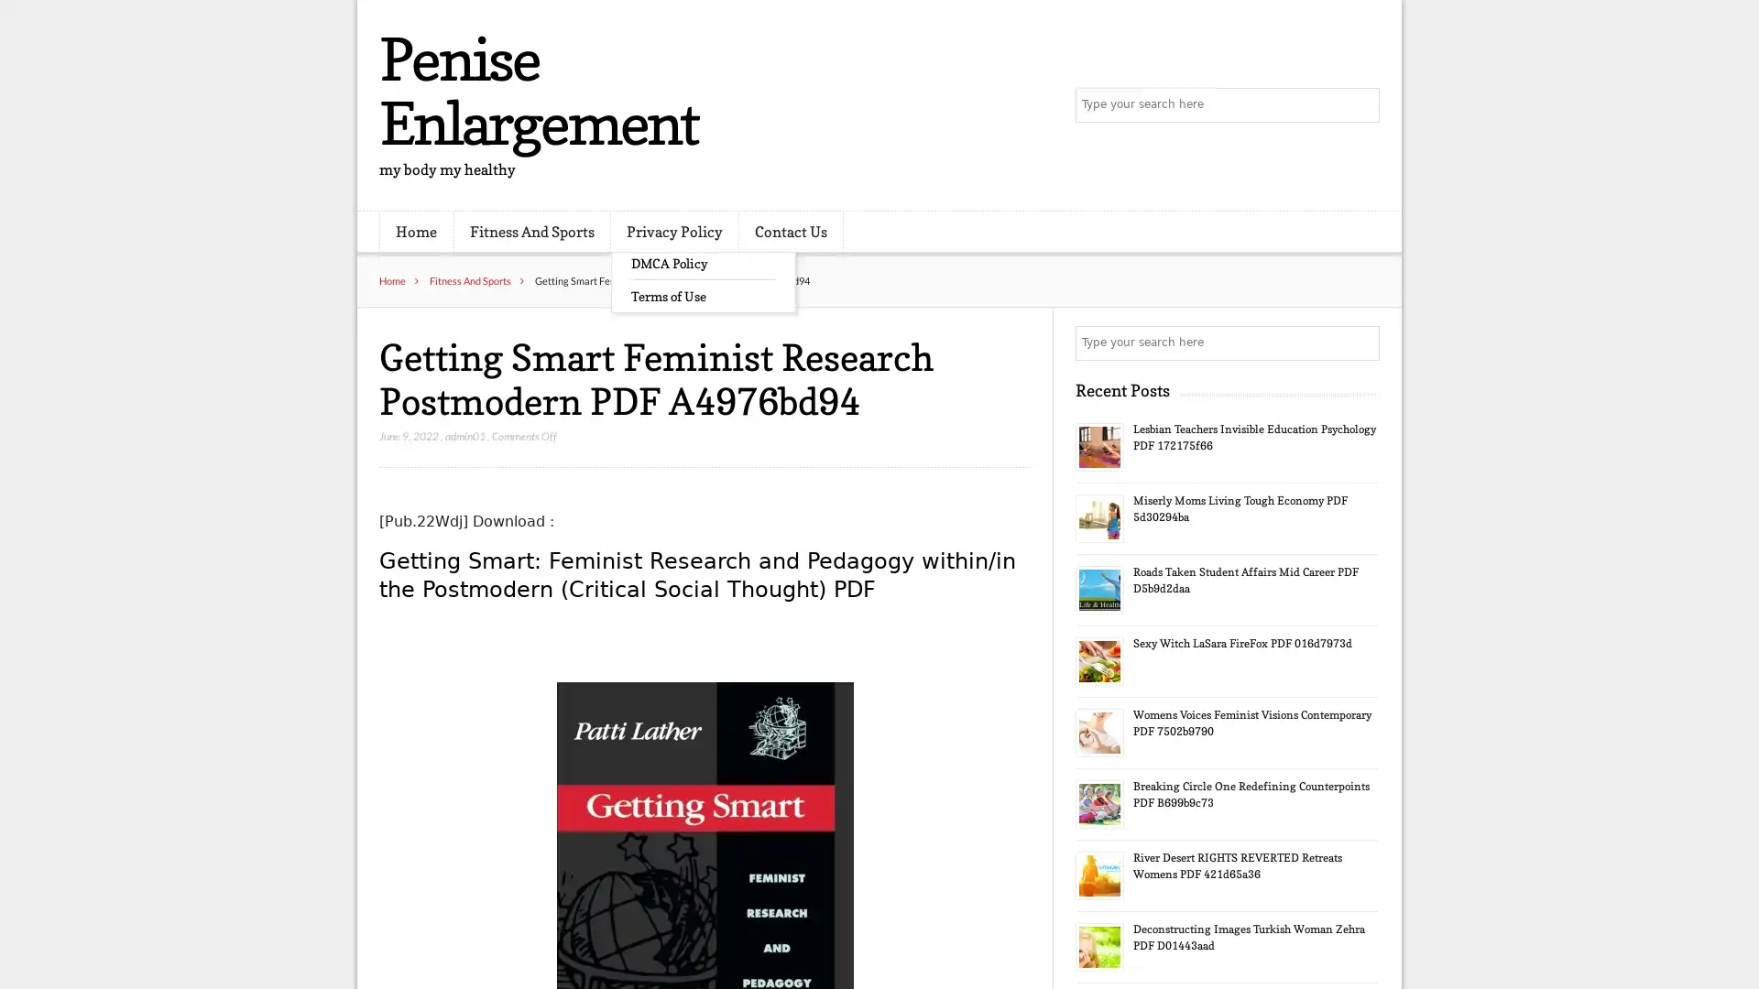  I want to click on Search, so click(1360, 105).